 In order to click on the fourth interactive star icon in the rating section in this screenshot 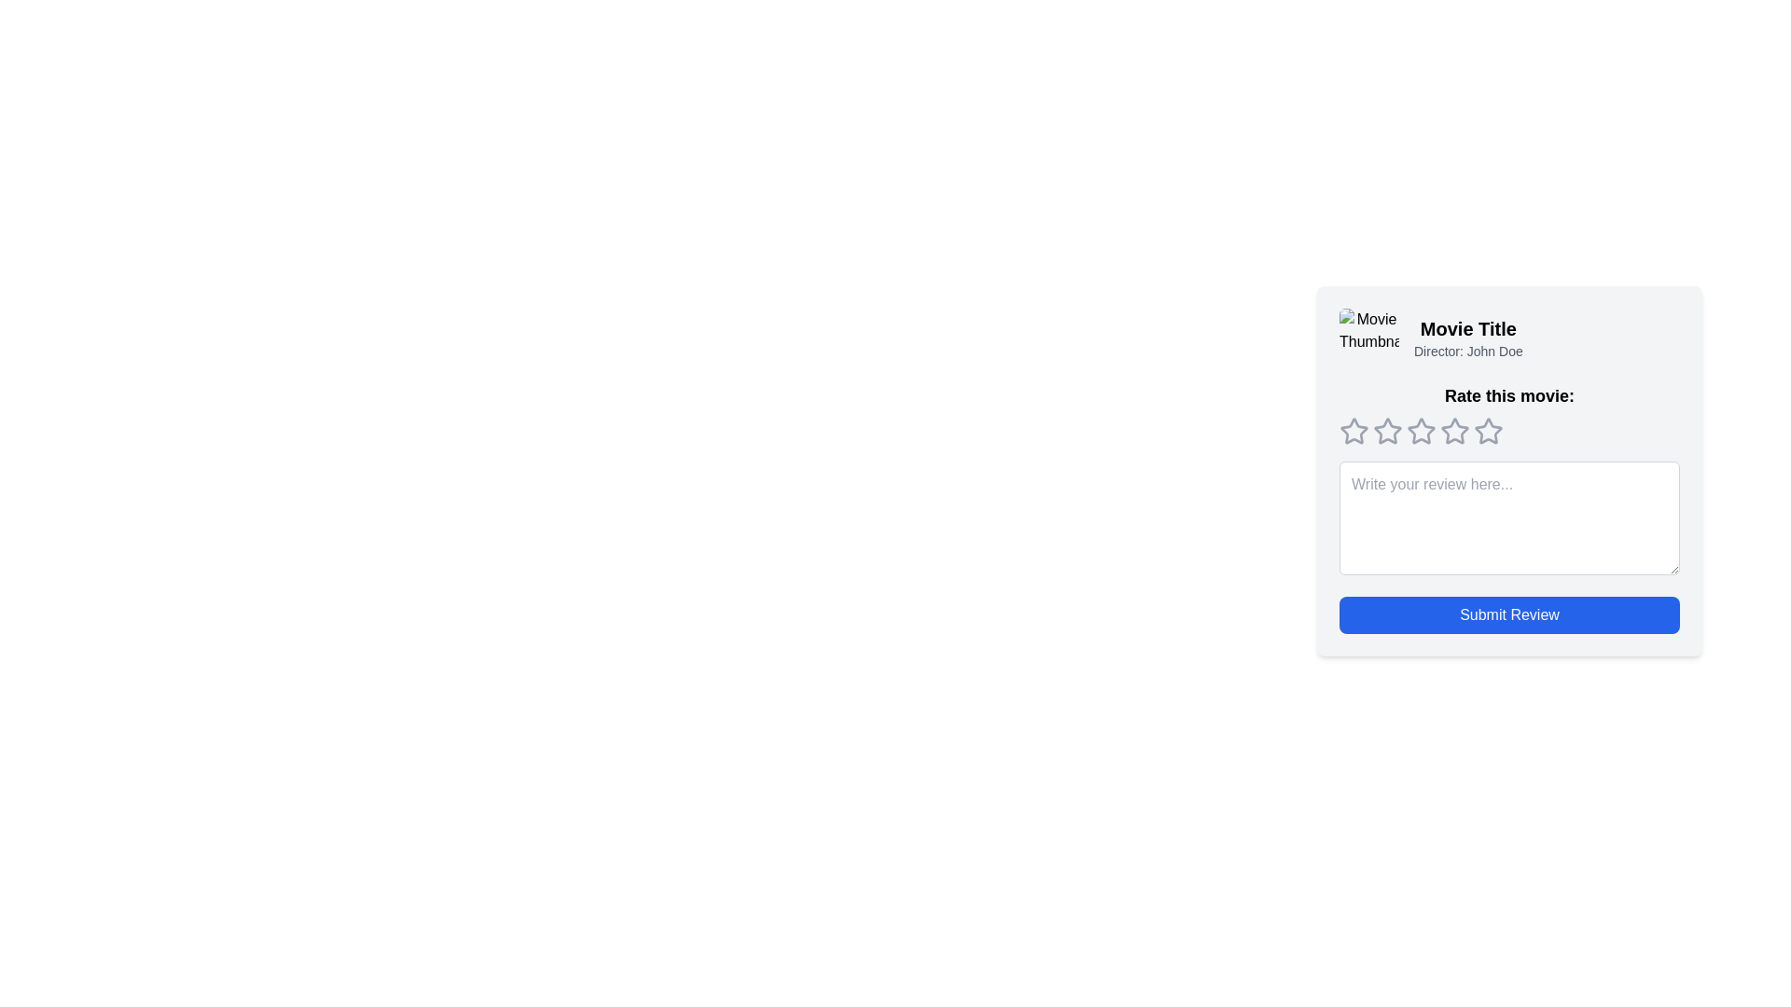, I will do `click(1454, 431)`.